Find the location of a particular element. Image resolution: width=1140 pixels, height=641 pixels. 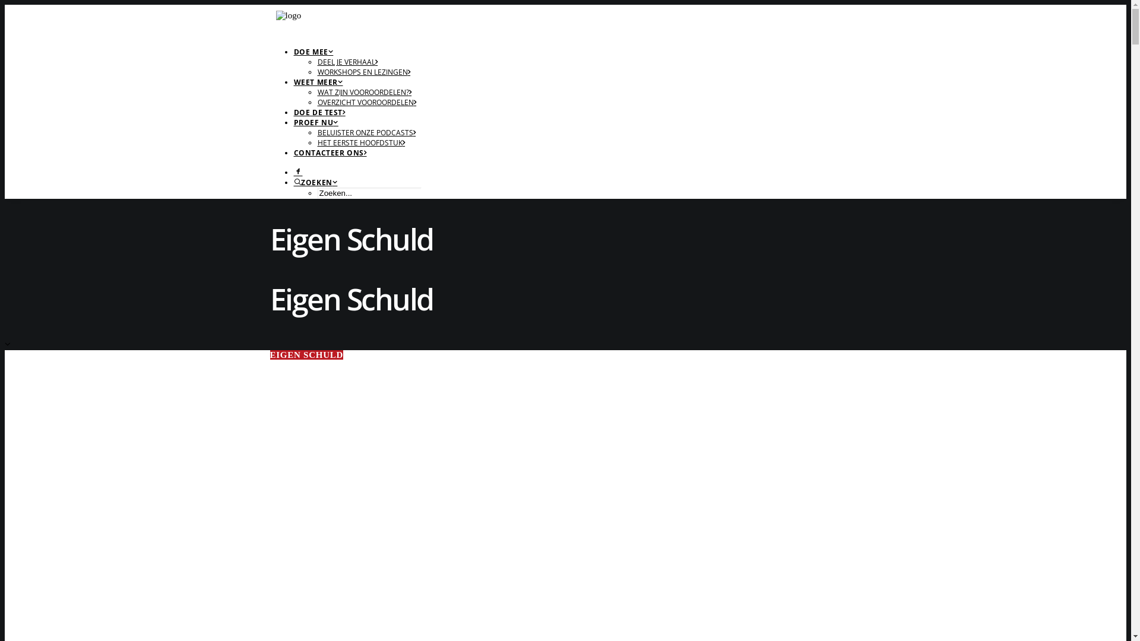

'WEET MEER' is located at coordinates (318, 81).